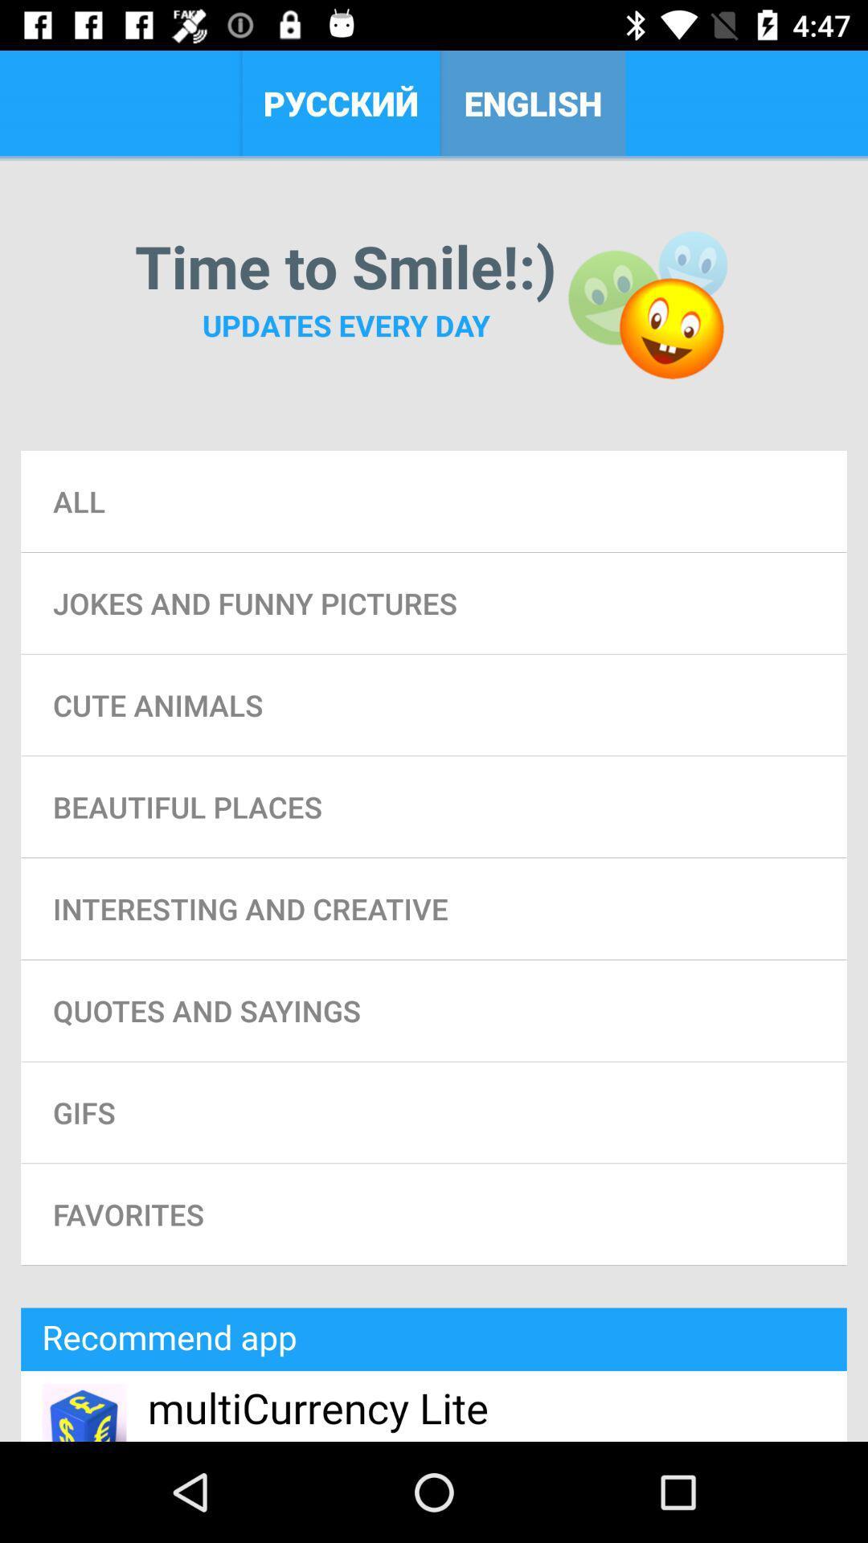 The height and width of the screenshot is (1543, 868). What do you see at coordinates (434, 807) in the screenshot?
I see `item below the cute animals item` at bounding box center [434, 807].